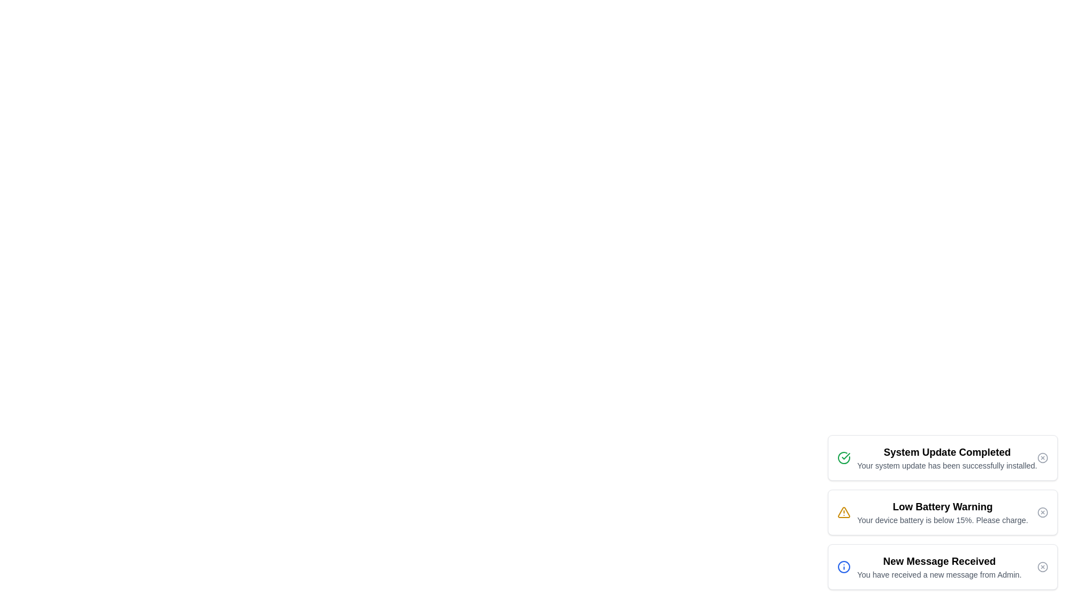 The height and width of the screenshot is (601, 1069). Describe the element at coordinates (942, 506) in the screenshot. I see `the 'Low Battery Warning' text label, which is a bold, larger font heading in the second notification card of the grid` at that location.